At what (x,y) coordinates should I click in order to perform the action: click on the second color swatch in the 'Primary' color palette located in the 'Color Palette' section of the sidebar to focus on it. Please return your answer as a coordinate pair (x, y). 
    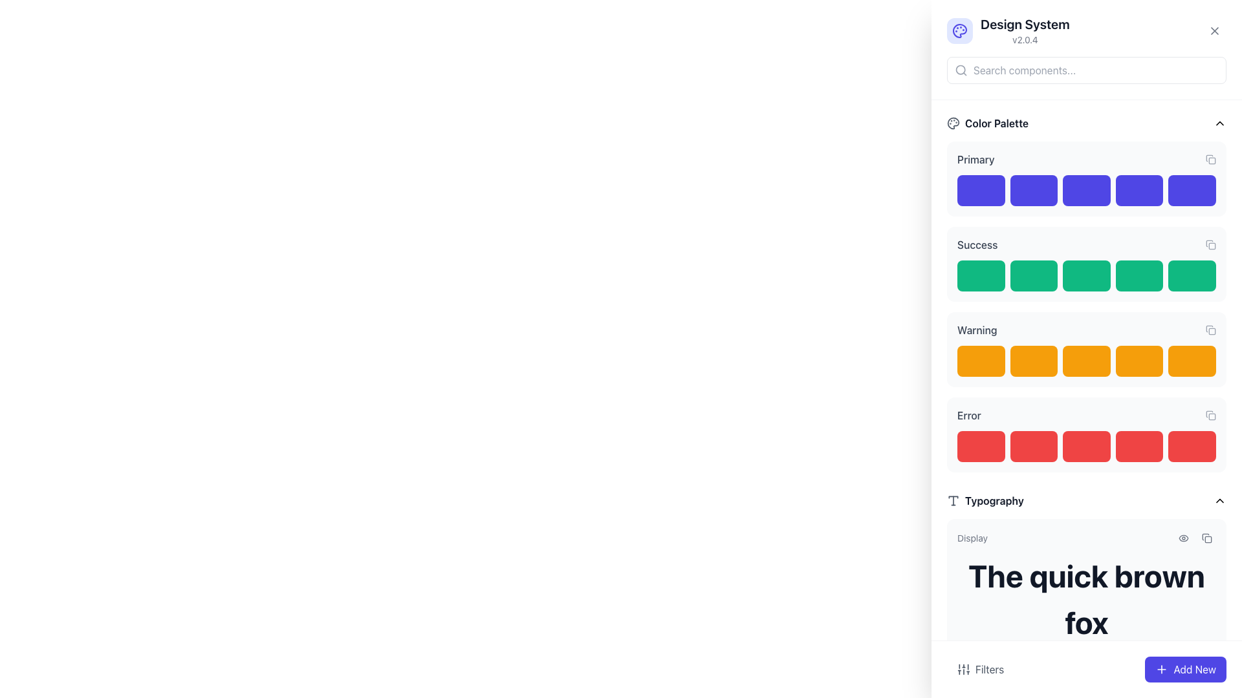
    Looking at the image, I should click on (1033, 190).